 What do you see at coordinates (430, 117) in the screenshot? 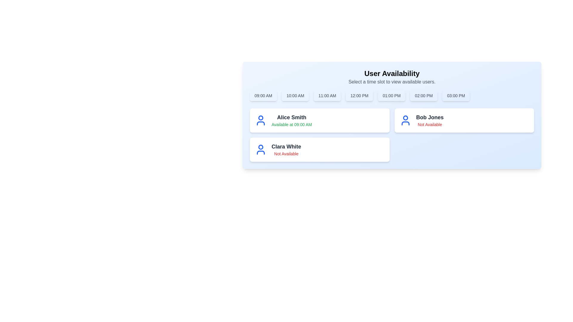
I see `the static text label displaying 'Bob Jones', which is styled in bold and dark gray, located near the top-right corner of the user list section` at bounding box center [430, 117].